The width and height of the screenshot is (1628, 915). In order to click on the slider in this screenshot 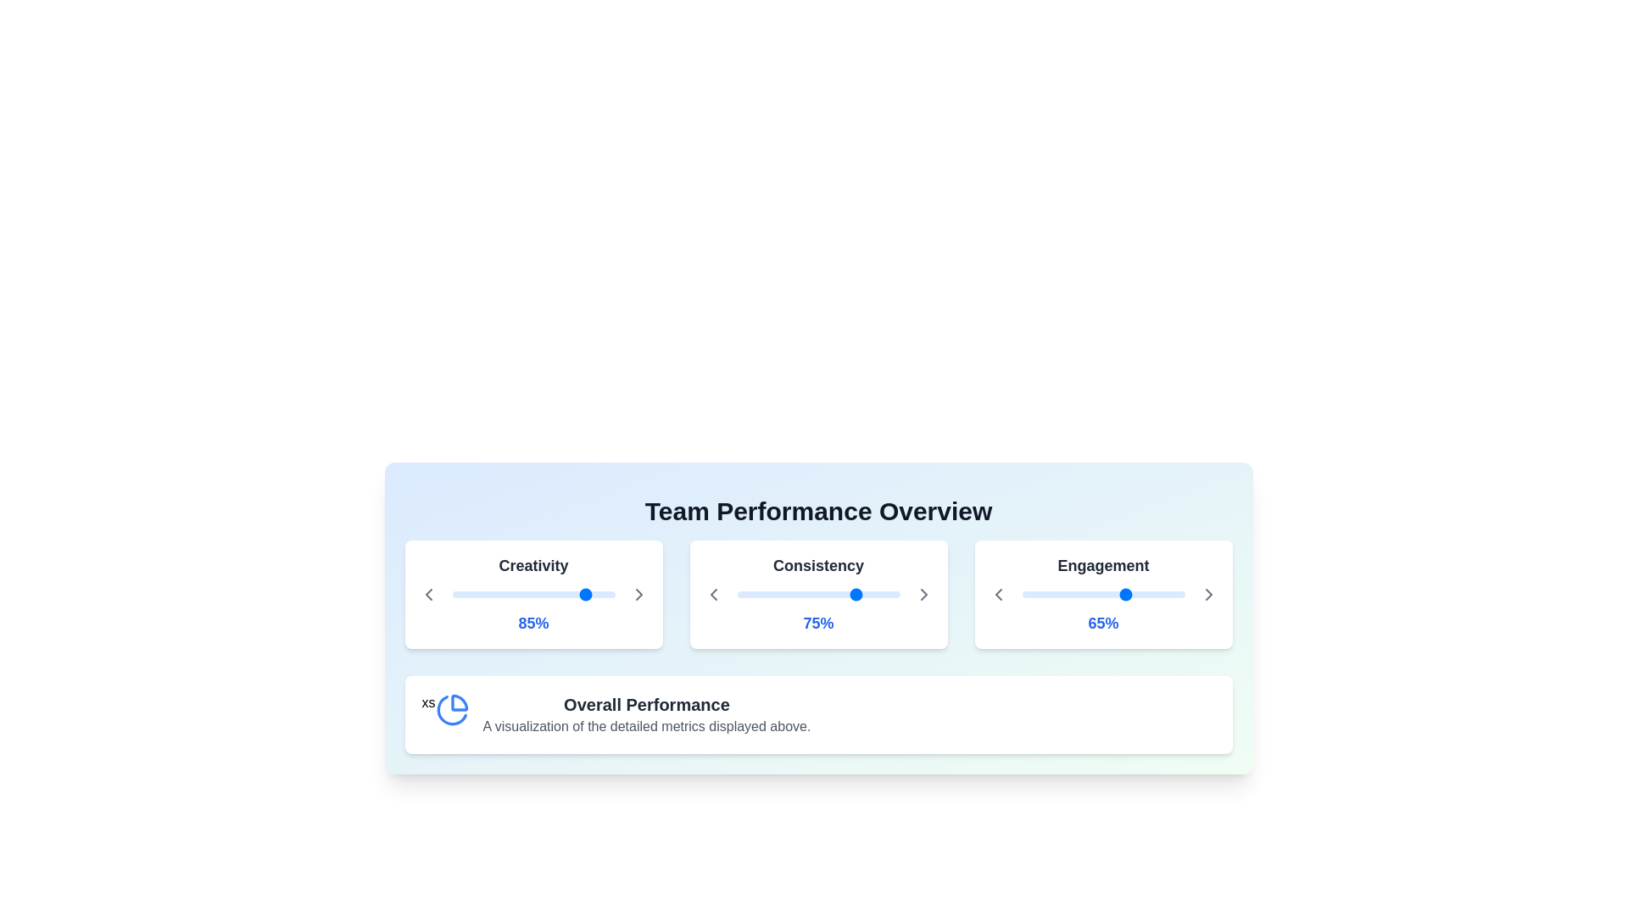, I will do `click(610, 594)`.